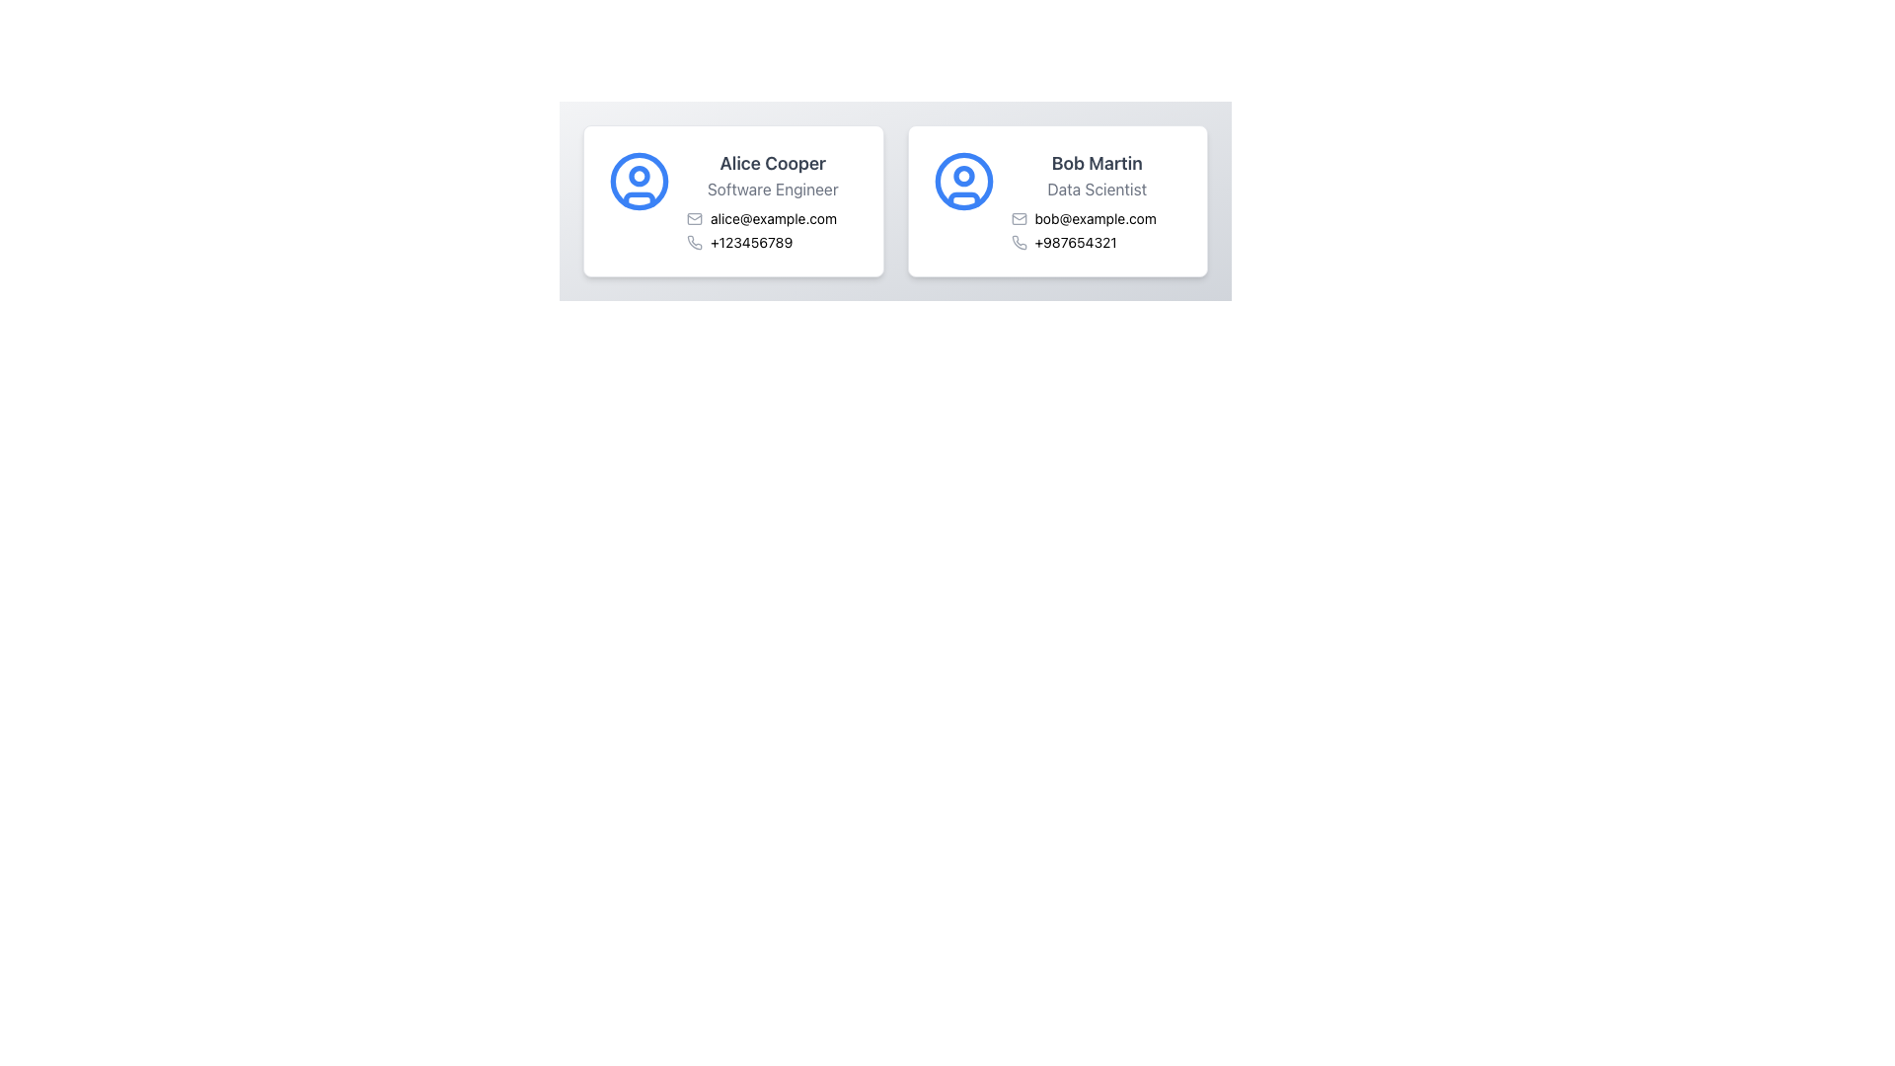 The width and height of the screenshot is (1895, 1066). I want to click on the decorative circular shape that represents the user avatar for 'Alice Cooper' in the top-left section of the contact card, so click(640, 182).